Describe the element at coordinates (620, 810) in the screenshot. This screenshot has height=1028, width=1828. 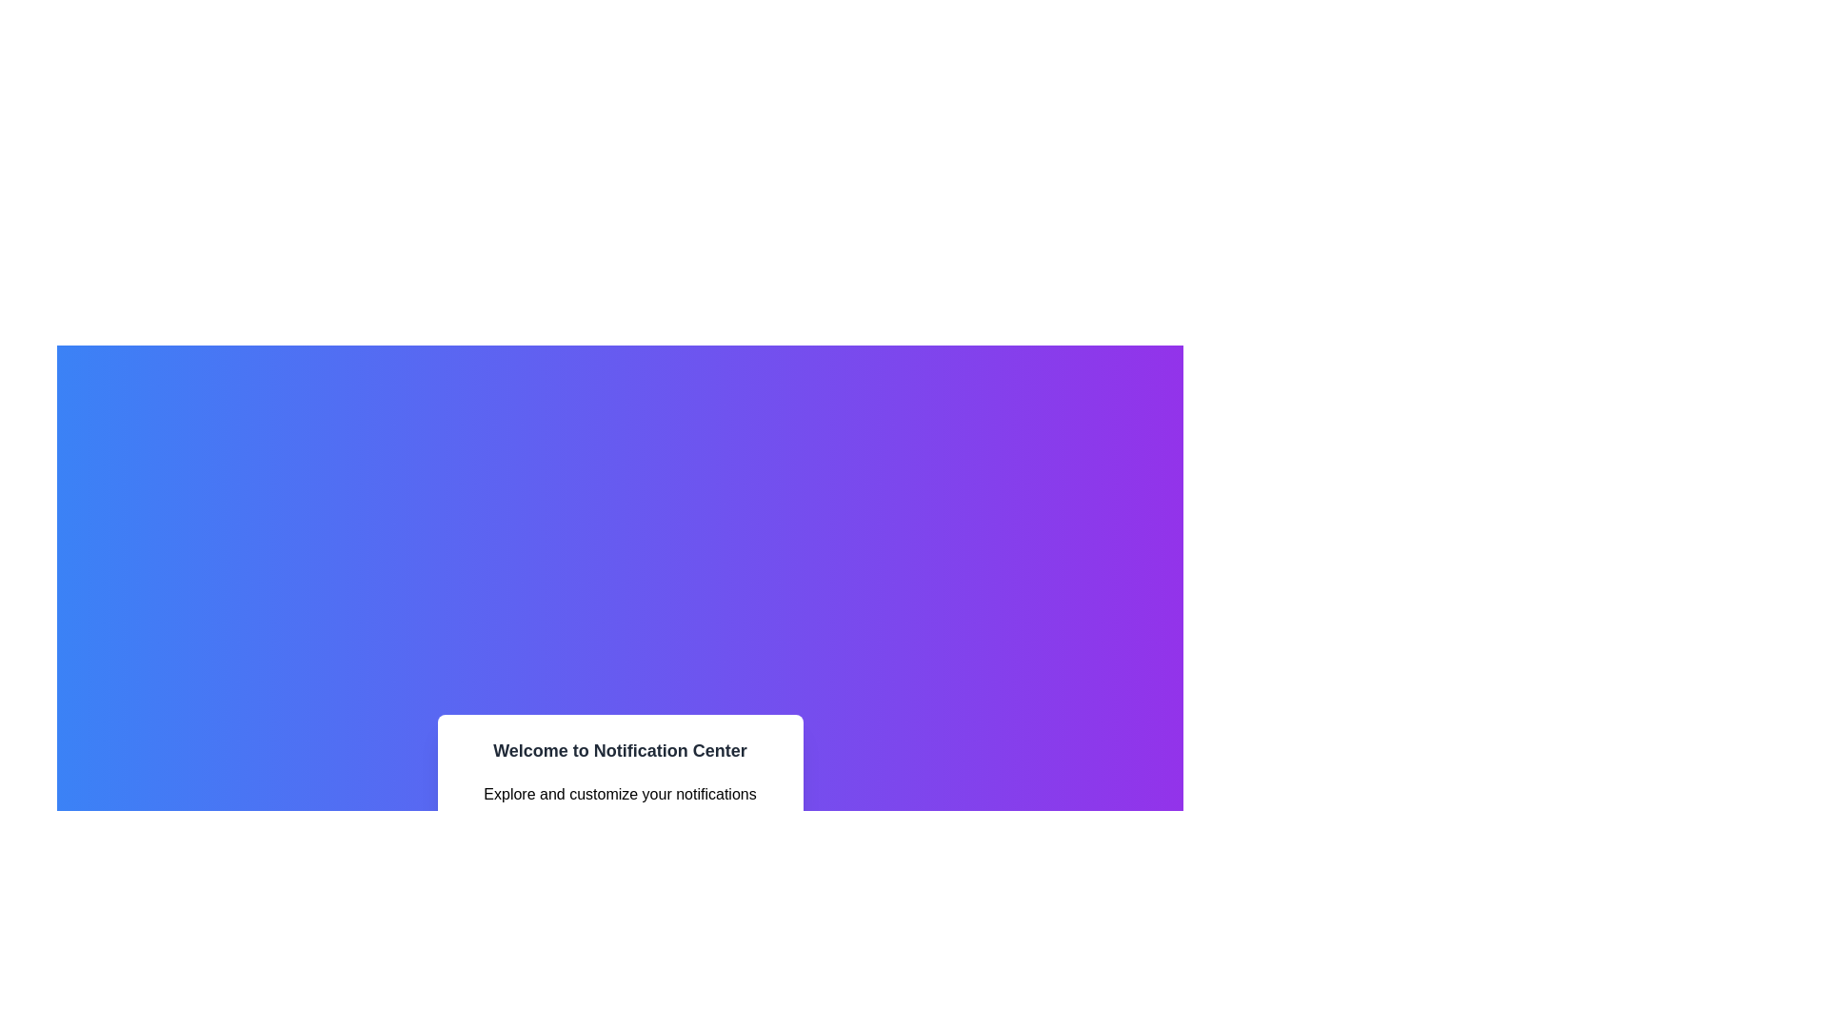
I see `title and description from the Informational Card, which has a white background with rounded corners and contains the title 'Welcome to Notification Center' in bold dark gray font, along with the description 'Explore and customize your notifications efficiently.'` at that location.